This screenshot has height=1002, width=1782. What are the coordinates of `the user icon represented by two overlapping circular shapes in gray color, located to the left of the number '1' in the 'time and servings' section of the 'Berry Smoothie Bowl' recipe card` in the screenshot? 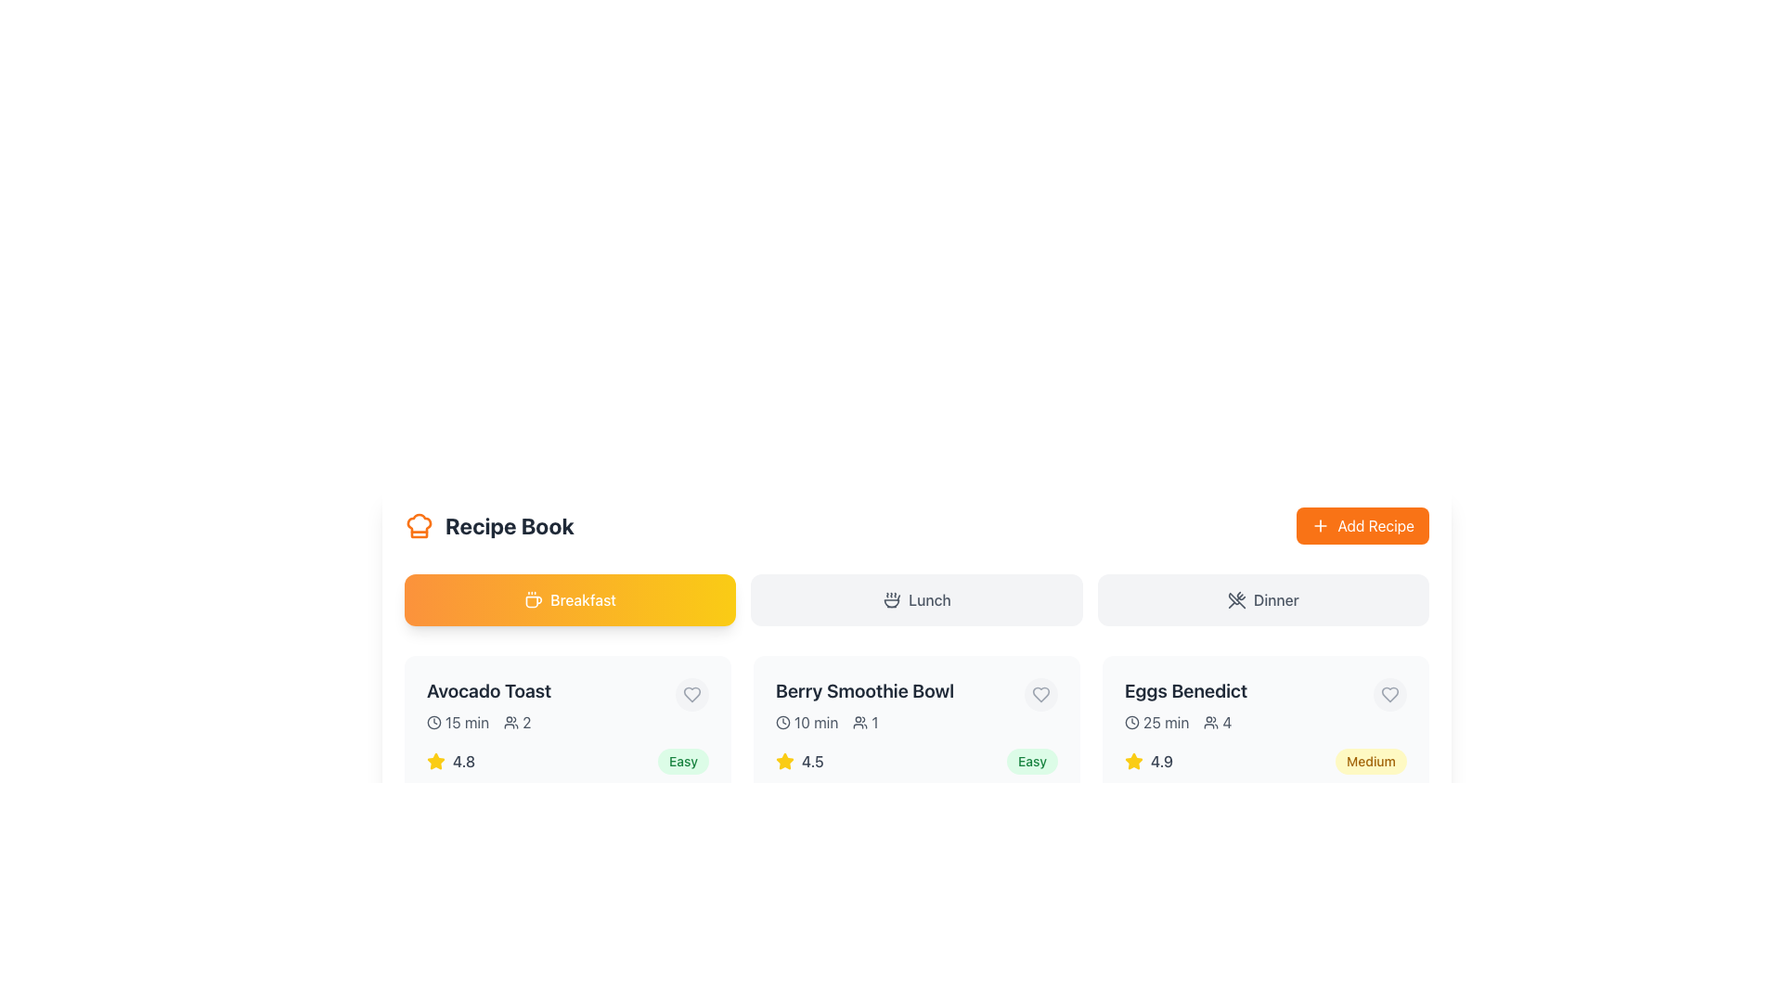 It's located at (859, 722).